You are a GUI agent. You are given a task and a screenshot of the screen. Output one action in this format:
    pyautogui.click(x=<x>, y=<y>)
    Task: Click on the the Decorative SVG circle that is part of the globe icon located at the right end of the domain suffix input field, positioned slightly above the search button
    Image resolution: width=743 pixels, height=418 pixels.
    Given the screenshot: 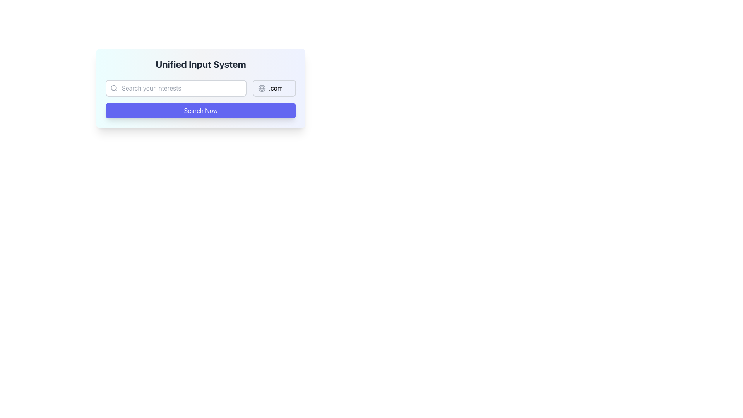 What is the action you would take?
    pyautogui.click(x=262, y=87)
    